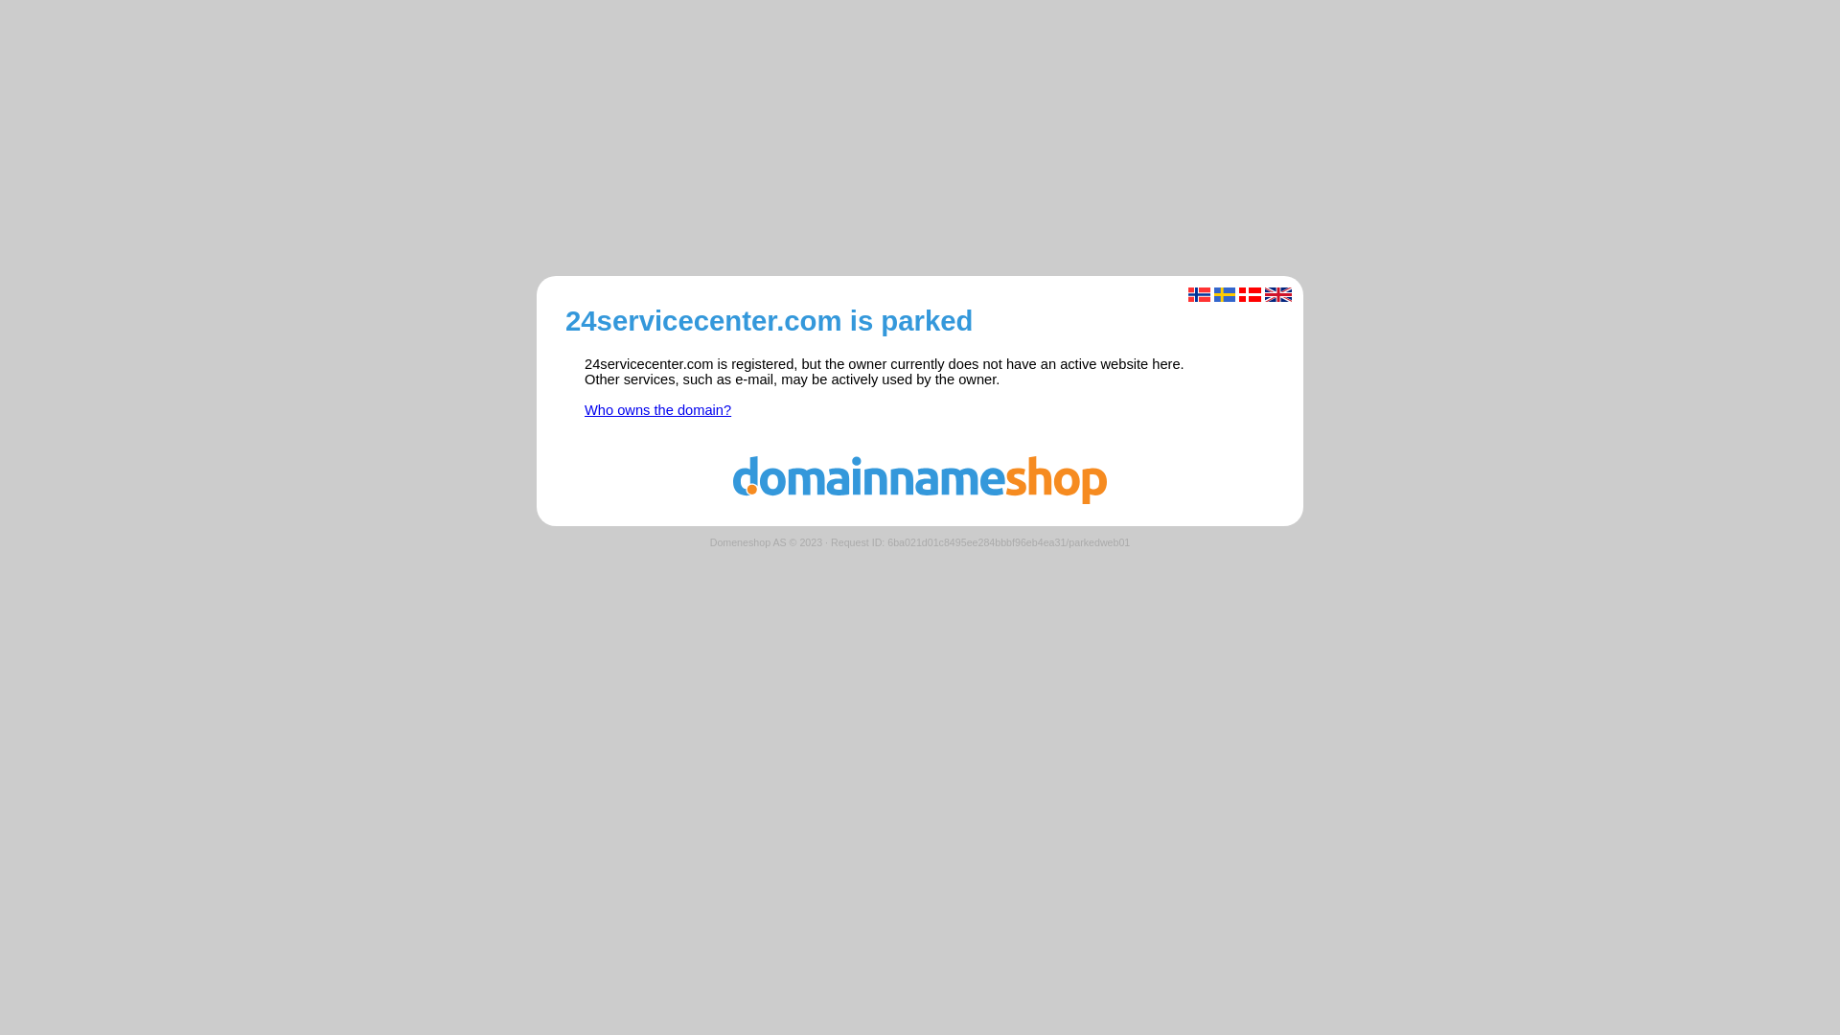 The height and width of the screenshot is (1035, 1840). Describe the element at coordinates (1198, 294) in the screenshot. I see `'Norsk'` at that location.